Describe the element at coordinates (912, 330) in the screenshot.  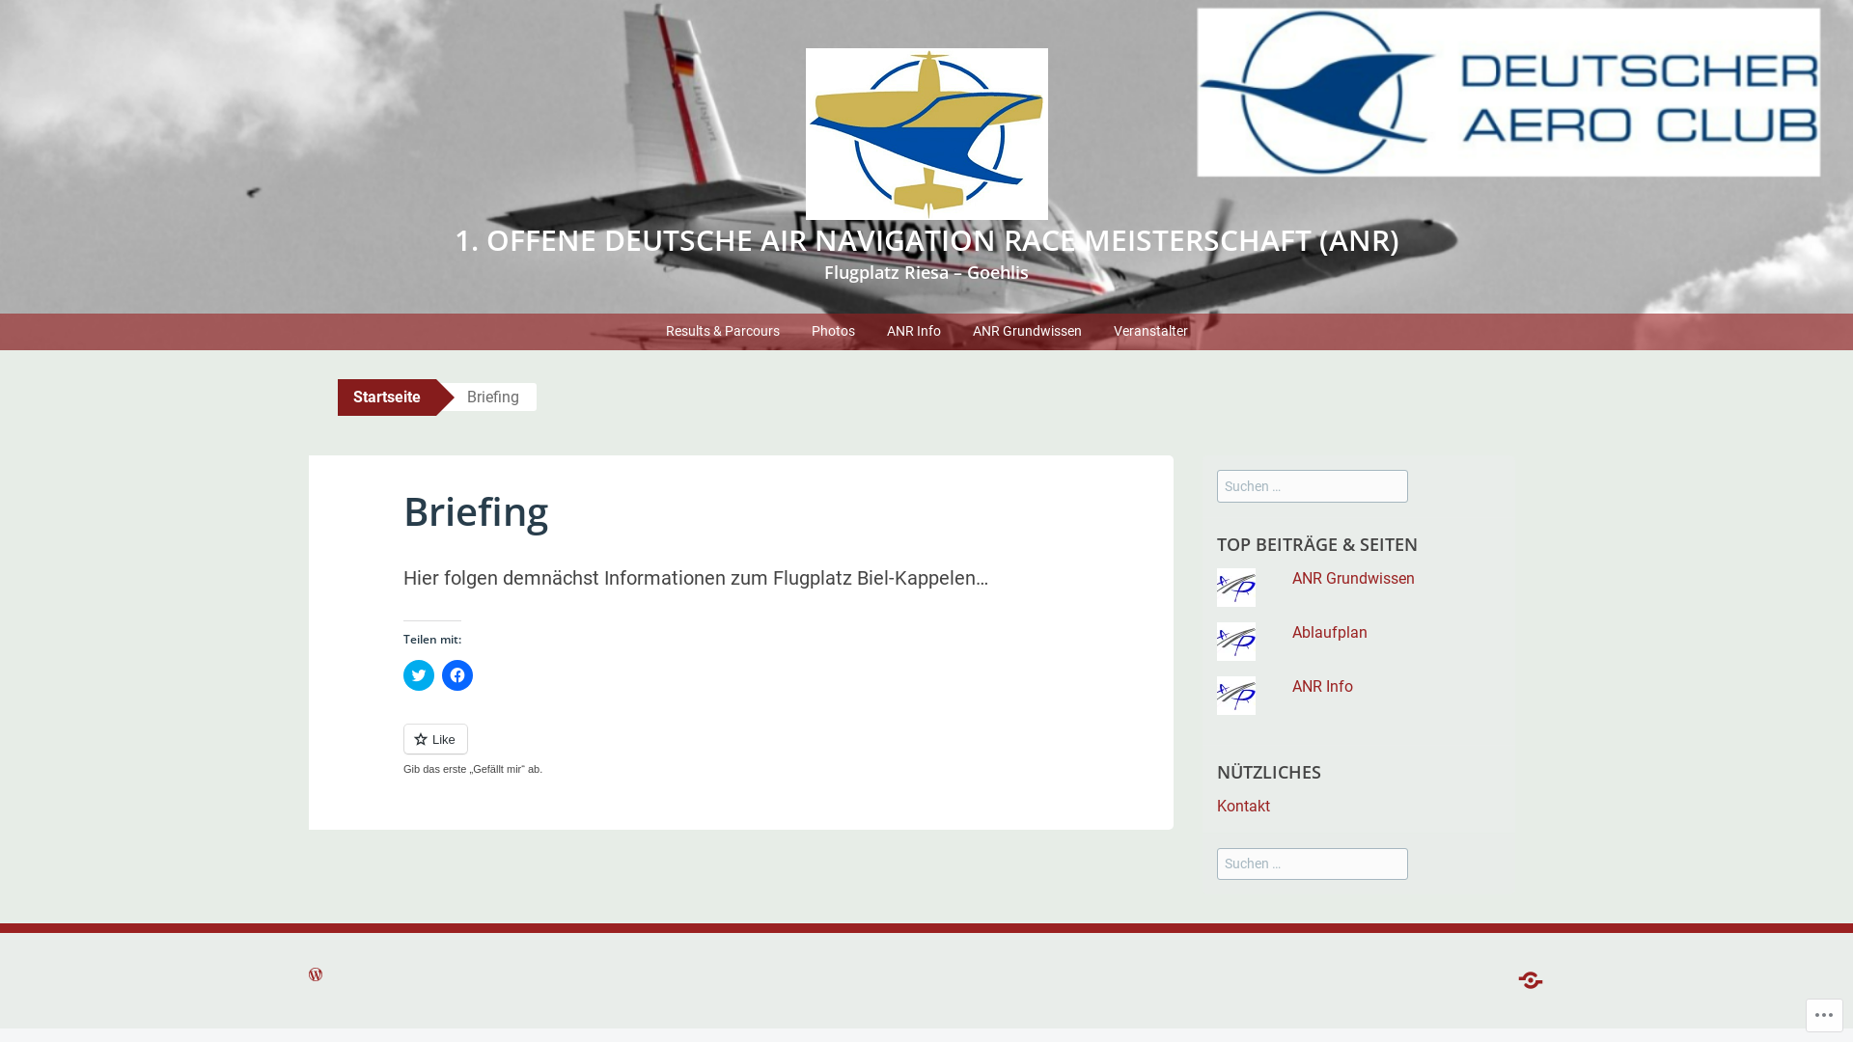
I see `'ANR Info'` at that location.